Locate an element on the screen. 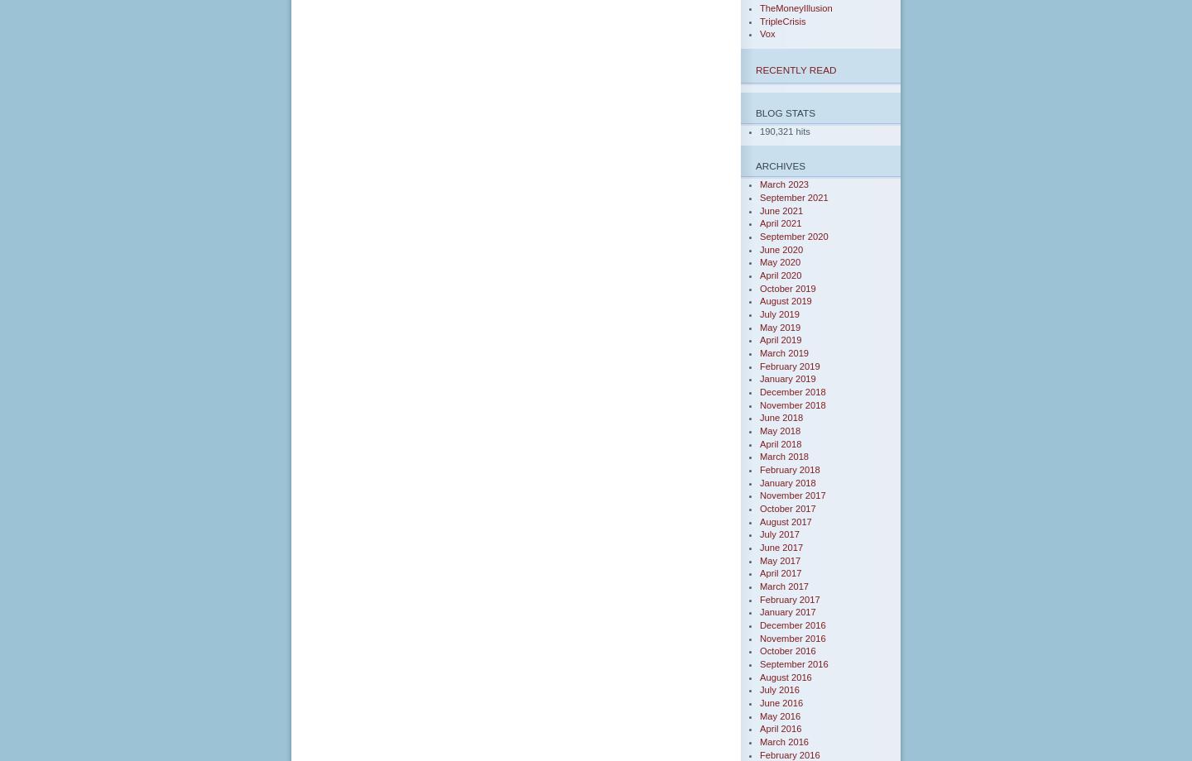 The width and height of the screenshot is (1192, 761). 'October 2019' is located at coordinates (787, 287).